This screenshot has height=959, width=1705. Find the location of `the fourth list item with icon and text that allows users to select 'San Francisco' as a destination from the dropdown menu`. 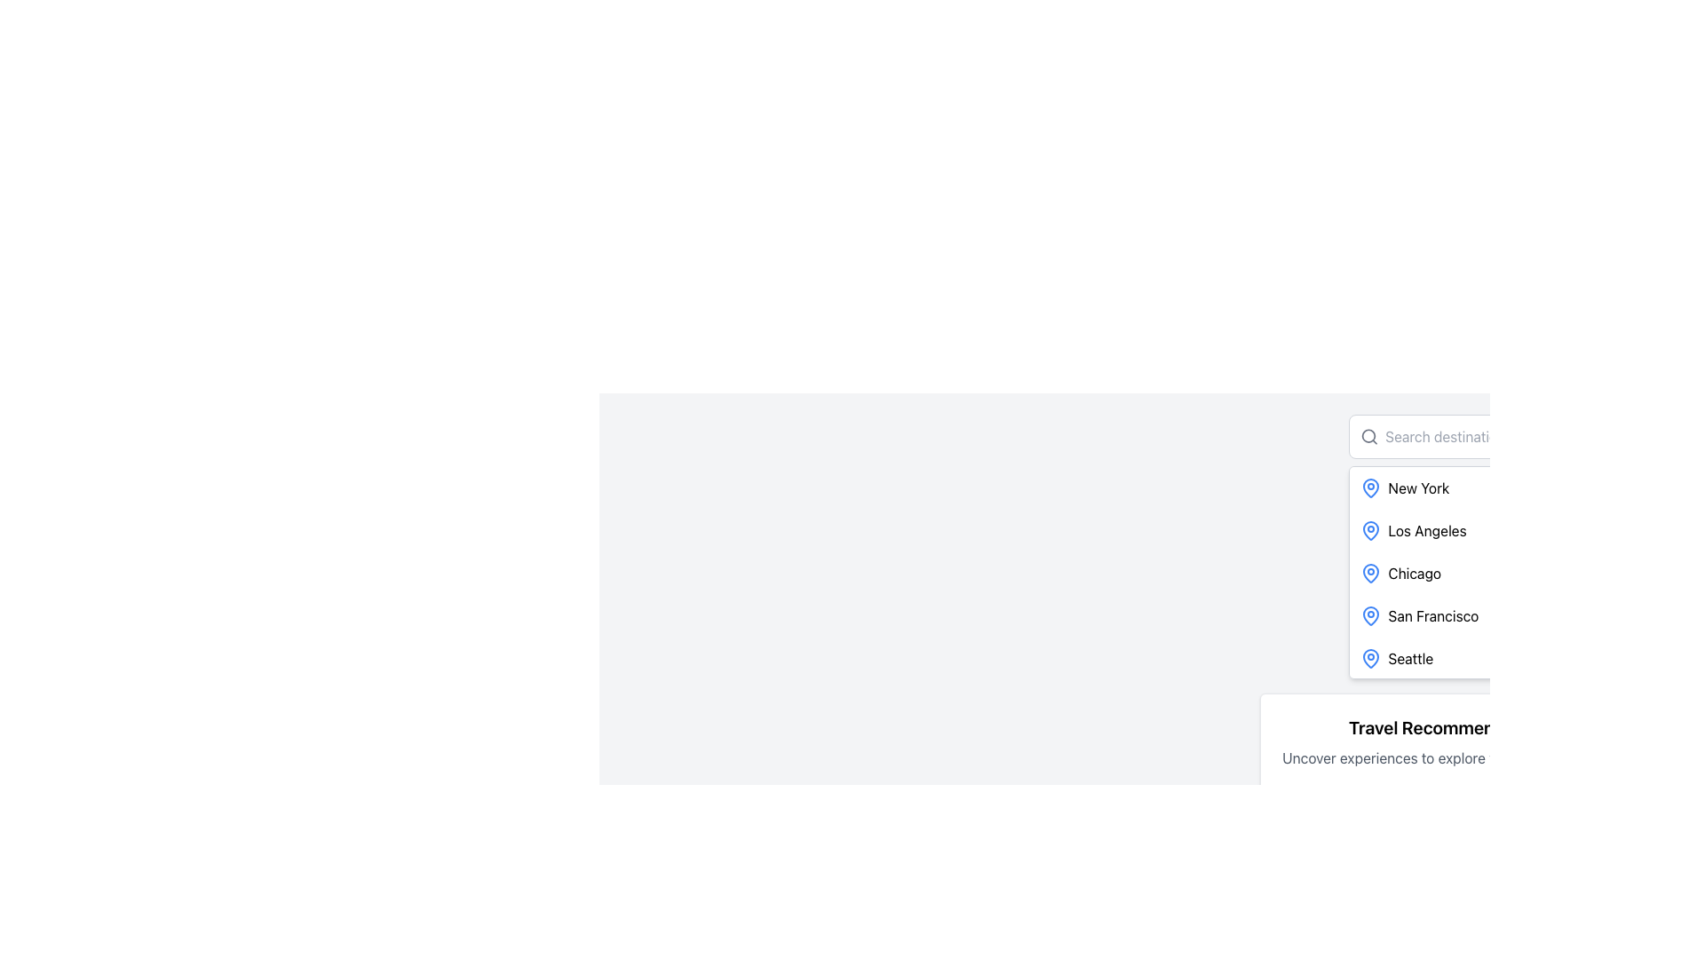

the fourth list item with icon and text that allows users to select 'San Francisco' as a destination from the dropdown menu is located at coordinates (1452, 615).